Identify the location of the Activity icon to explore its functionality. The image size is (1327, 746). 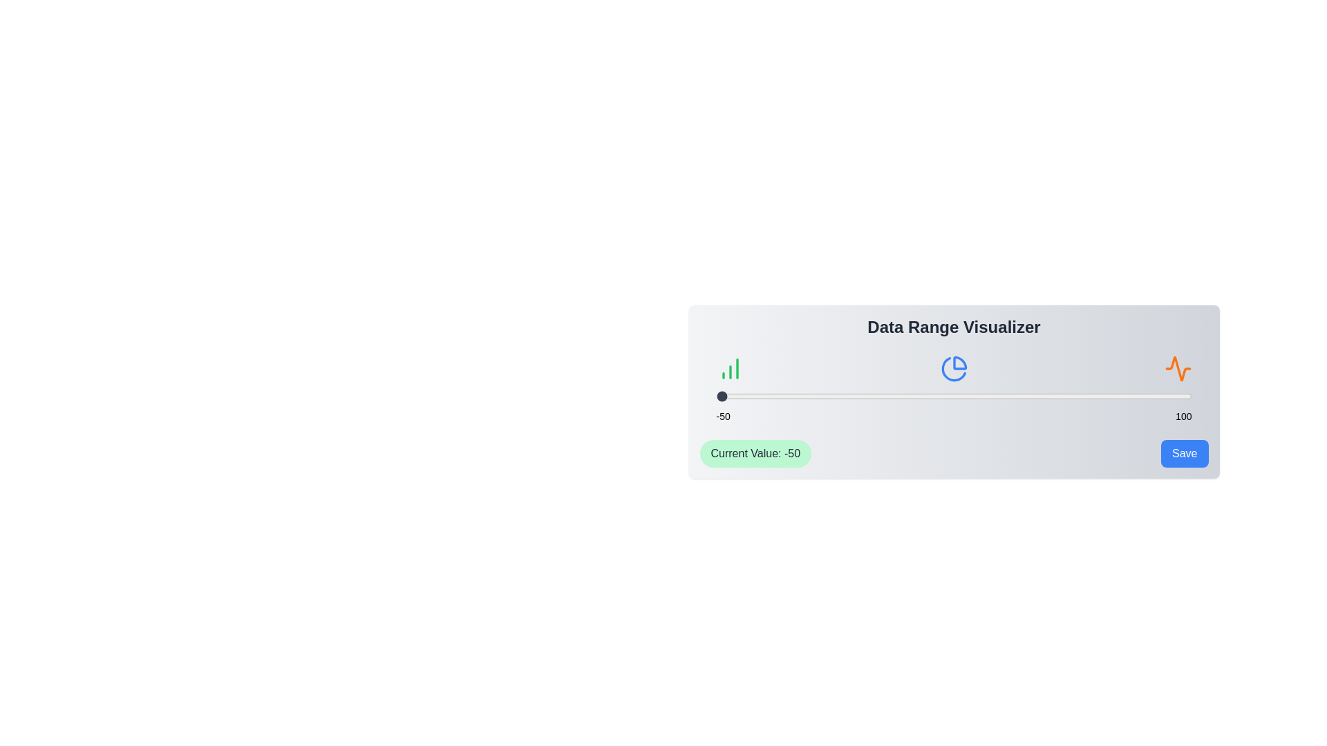
(1177, 367).